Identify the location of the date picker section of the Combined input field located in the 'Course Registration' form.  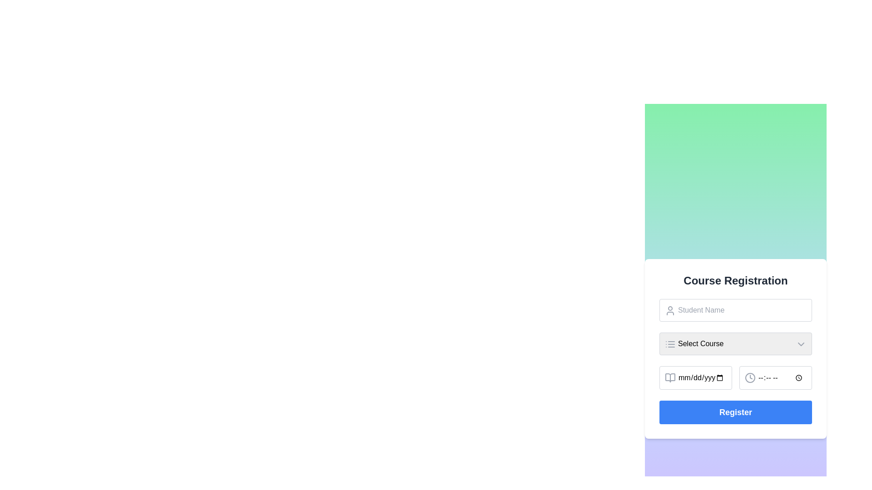
(736, 378).